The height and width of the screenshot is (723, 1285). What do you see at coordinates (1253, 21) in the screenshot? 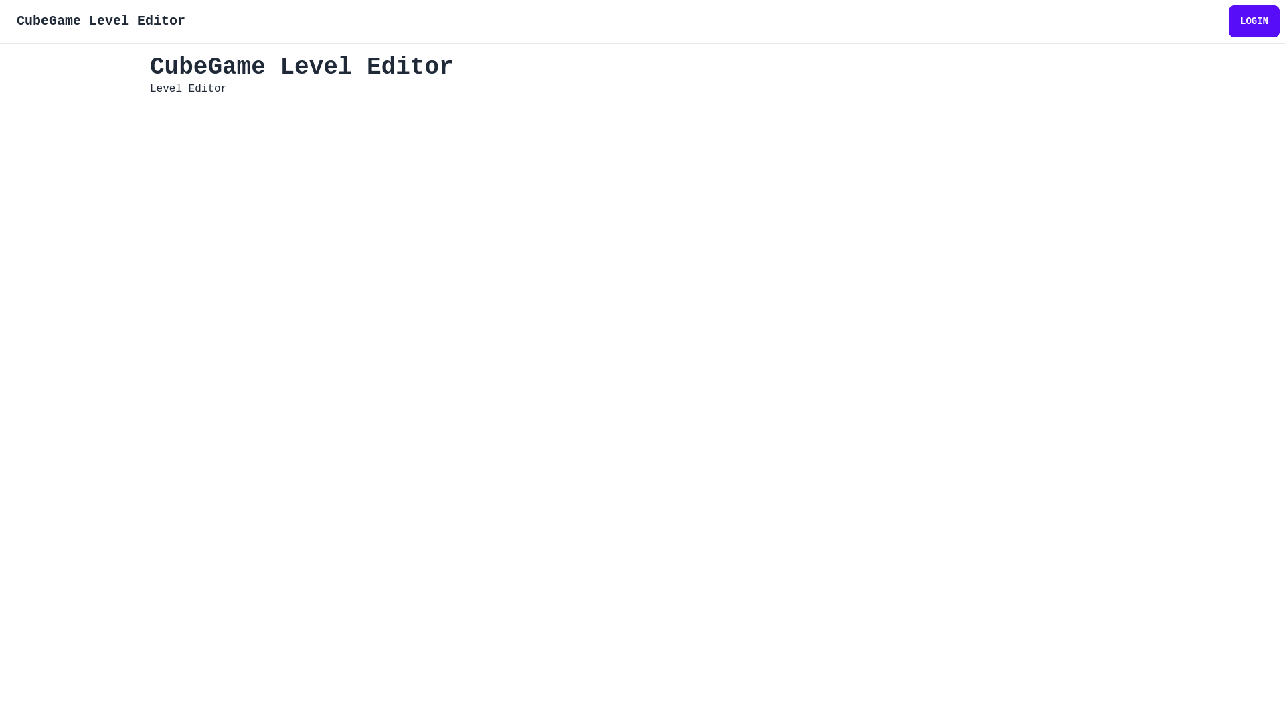
I see `'LOGIN'` at bounding box center [1253, 21].